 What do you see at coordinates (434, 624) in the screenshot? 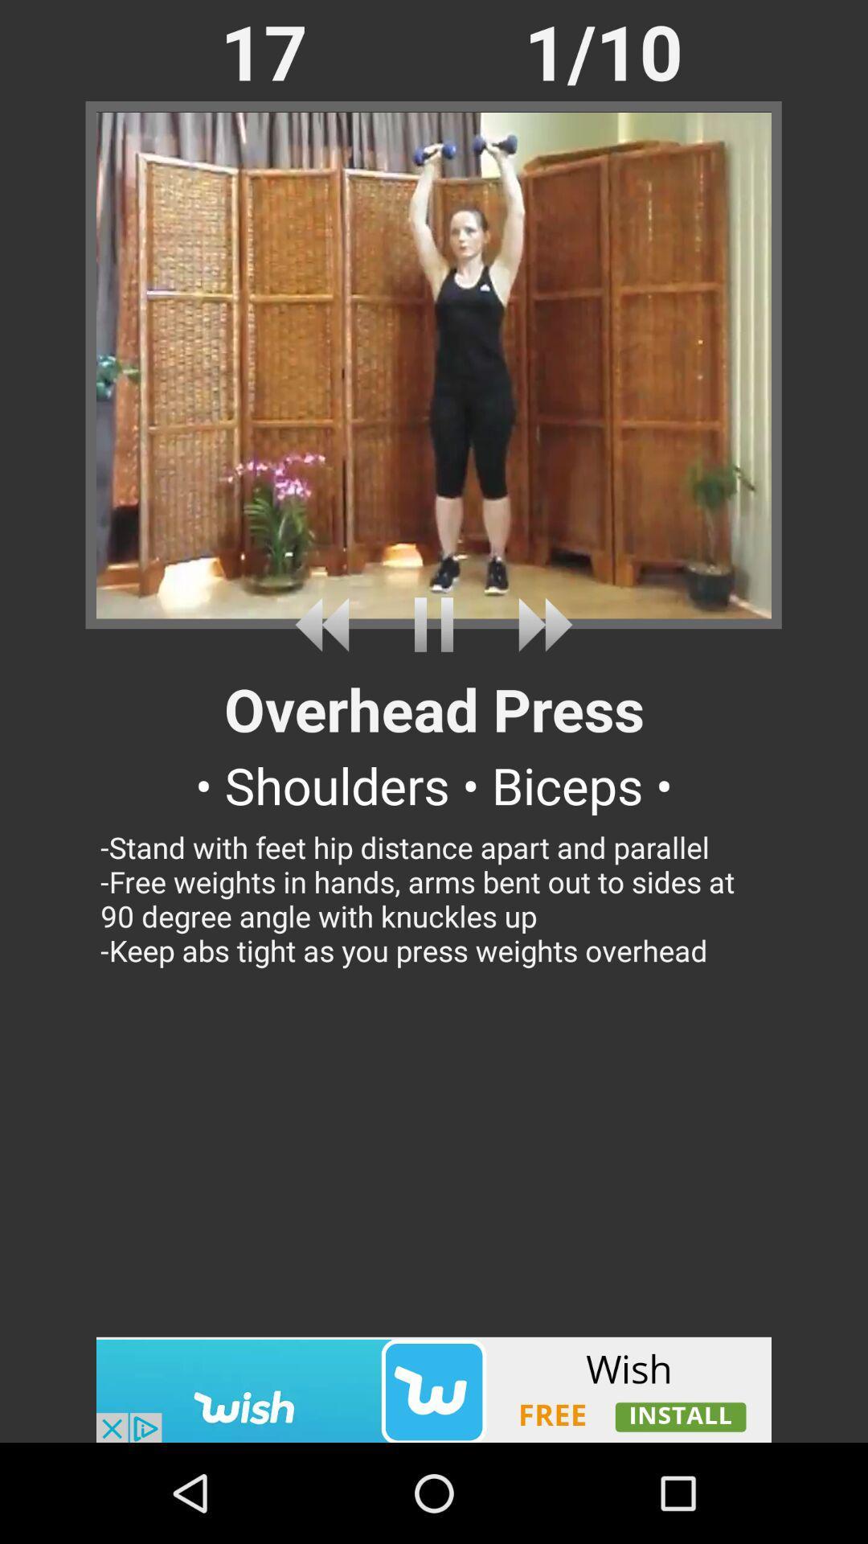
I see `pause video` at bounding box center [434, 624].